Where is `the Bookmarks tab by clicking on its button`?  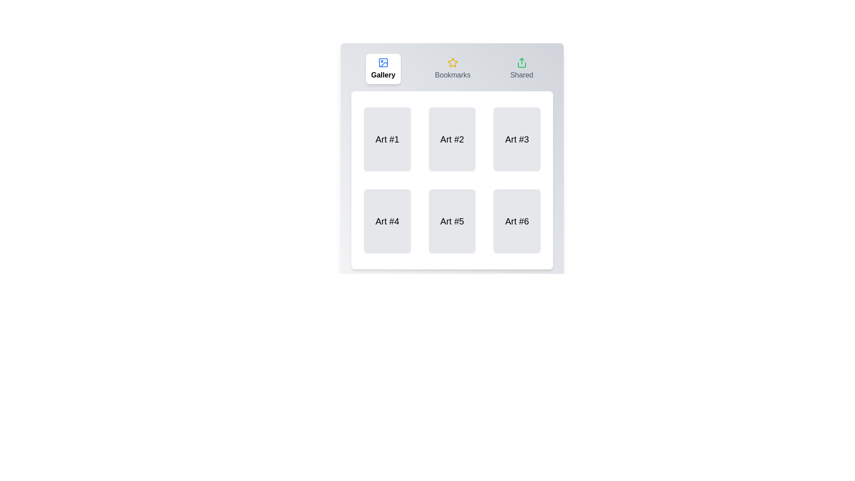 the Bookmarks tab by clicking on its button is located at coordinates (452, 68).